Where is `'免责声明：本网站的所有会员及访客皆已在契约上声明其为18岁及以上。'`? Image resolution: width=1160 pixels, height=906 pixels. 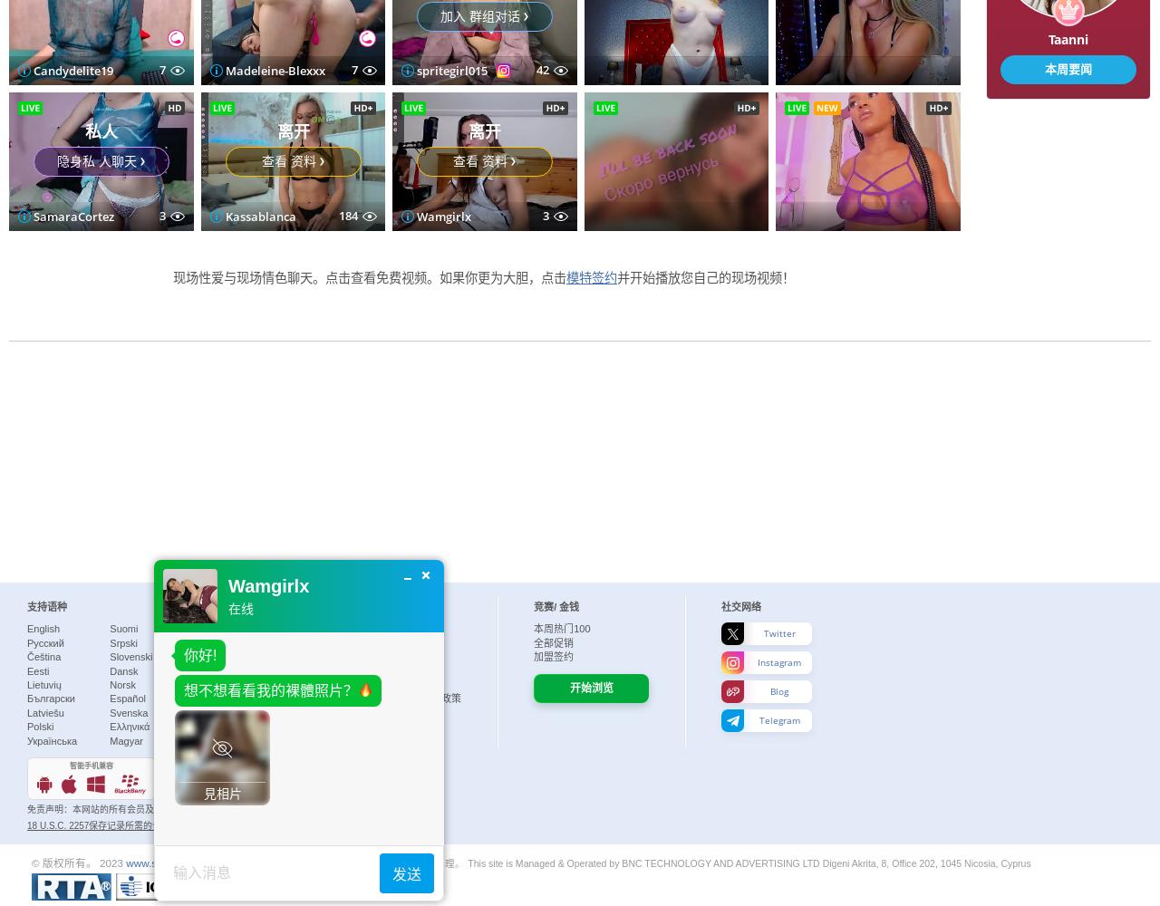
'免责声明：本网站的所有会员及访客皆已在契约上声明其为18岁及以上。' is located at coordinates (172, 809).